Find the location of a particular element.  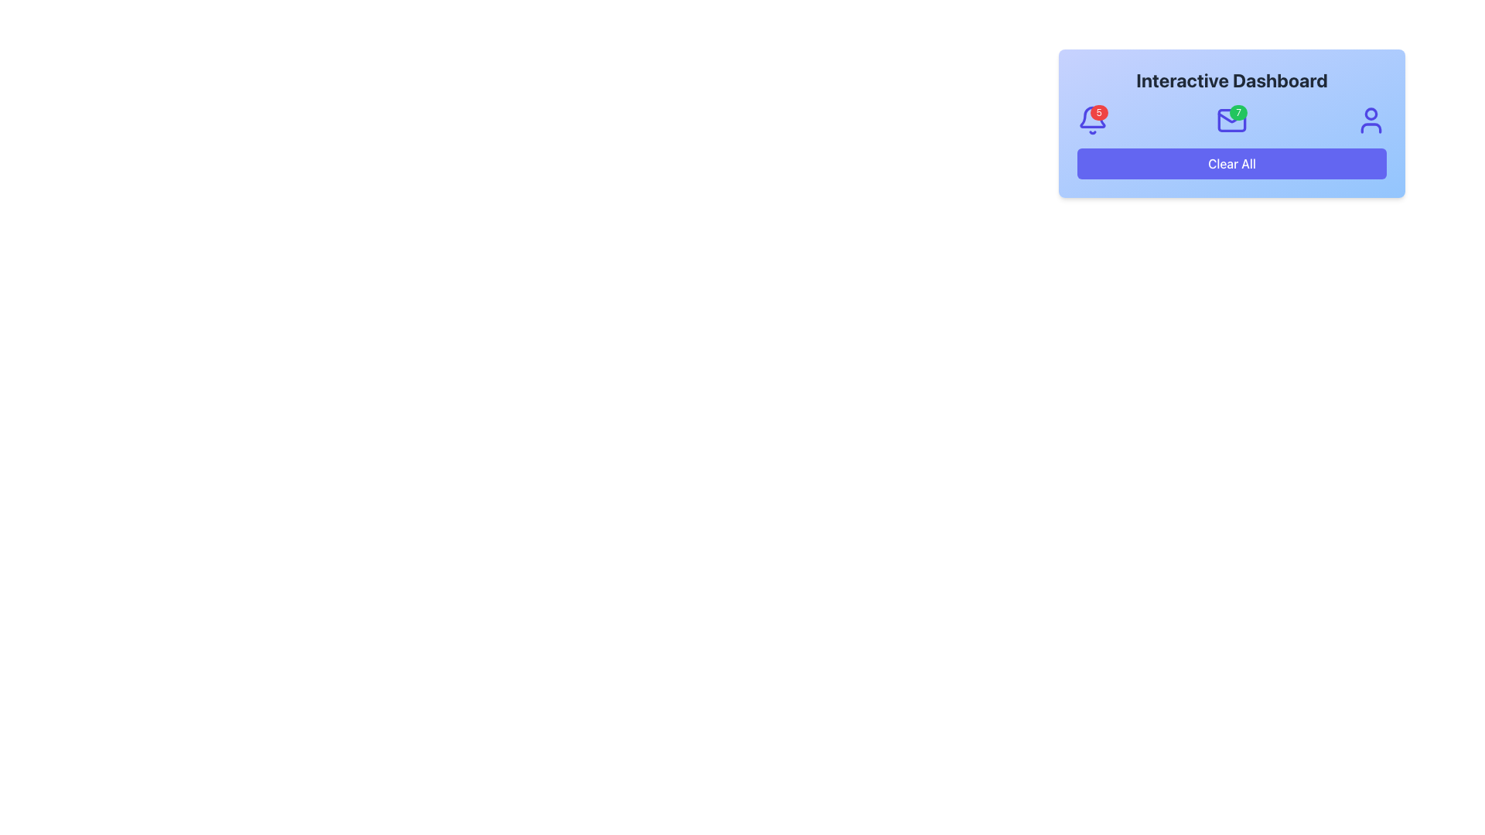

the header text at the top of the dashboard area, which indicates the overall function or purpose of the section is located at coordinates (1231, 80).